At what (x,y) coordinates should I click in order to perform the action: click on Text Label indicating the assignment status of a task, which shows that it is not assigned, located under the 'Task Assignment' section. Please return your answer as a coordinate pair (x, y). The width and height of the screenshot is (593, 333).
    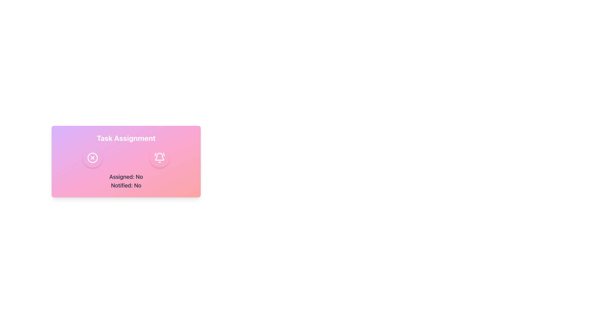
    Looking at the image, I should click on (126, 177).